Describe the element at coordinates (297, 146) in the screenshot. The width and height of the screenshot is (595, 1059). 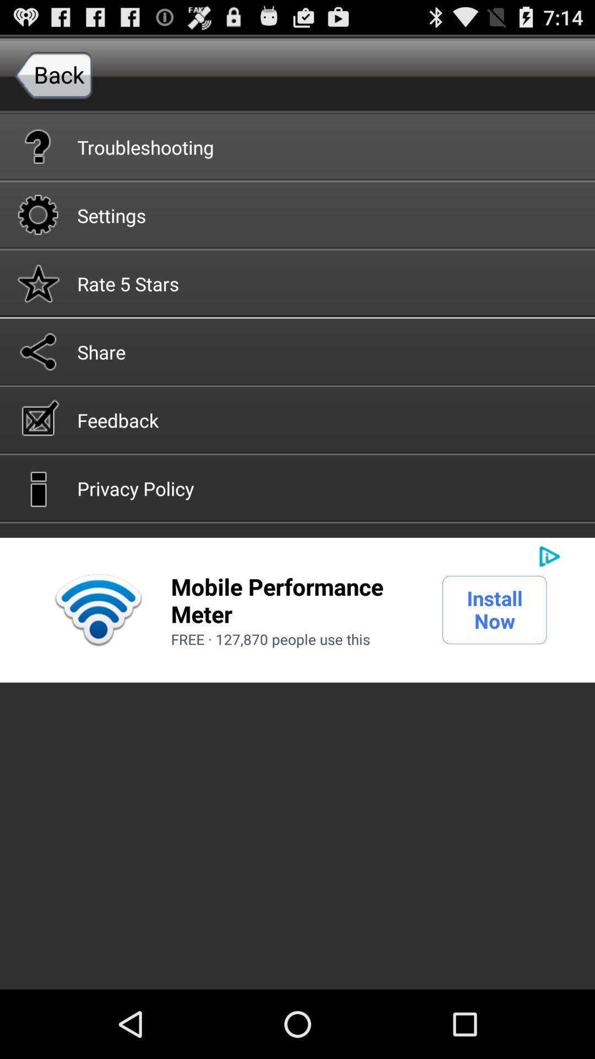
I see `the troubleshooting button` at that location.